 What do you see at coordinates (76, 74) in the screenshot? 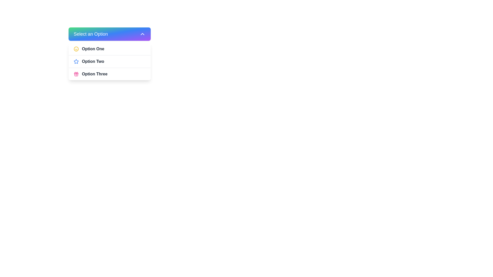
I see `the small, pink, gift-shaped icon with a bow on top located in the bottom-most entry of the dropdown list labeled 'Select an Option', which is positioned to the left of the text 'Option Three'` at bounding box center [76, 74].